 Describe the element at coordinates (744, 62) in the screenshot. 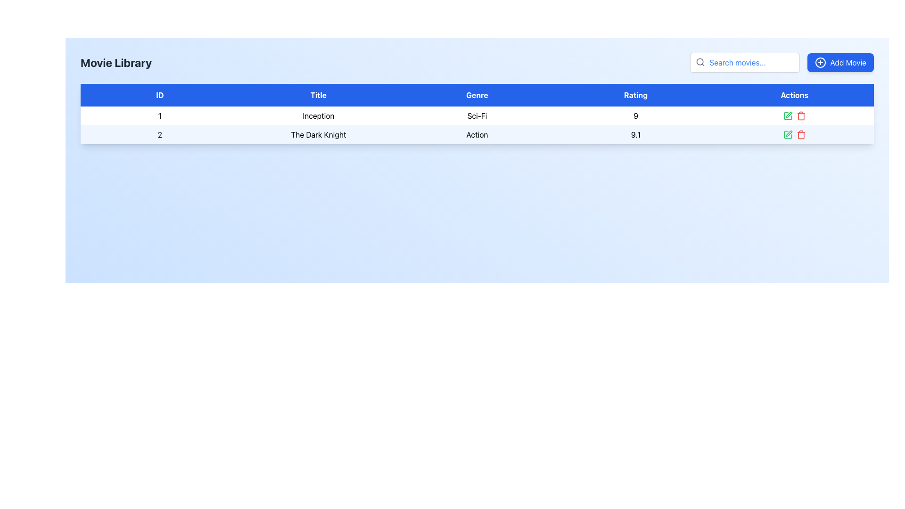

I see `the text input field with placeholder 'Search movies...' to focus on it` at that location.